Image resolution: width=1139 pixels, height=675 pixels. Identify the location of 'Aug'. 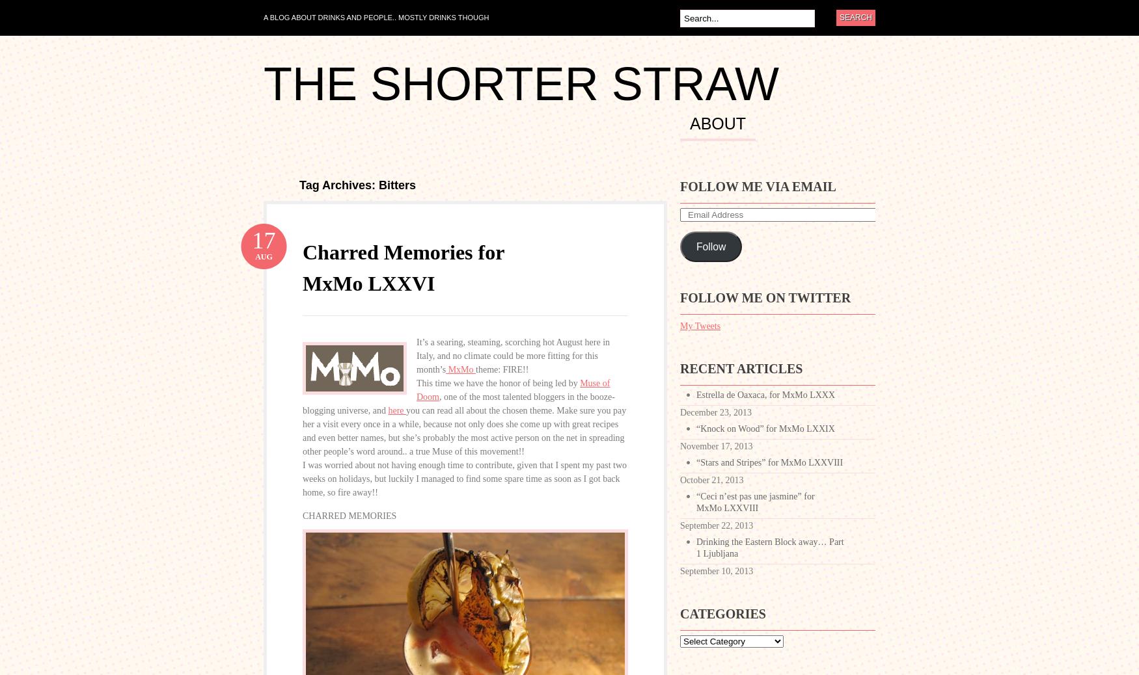
(262, 256).